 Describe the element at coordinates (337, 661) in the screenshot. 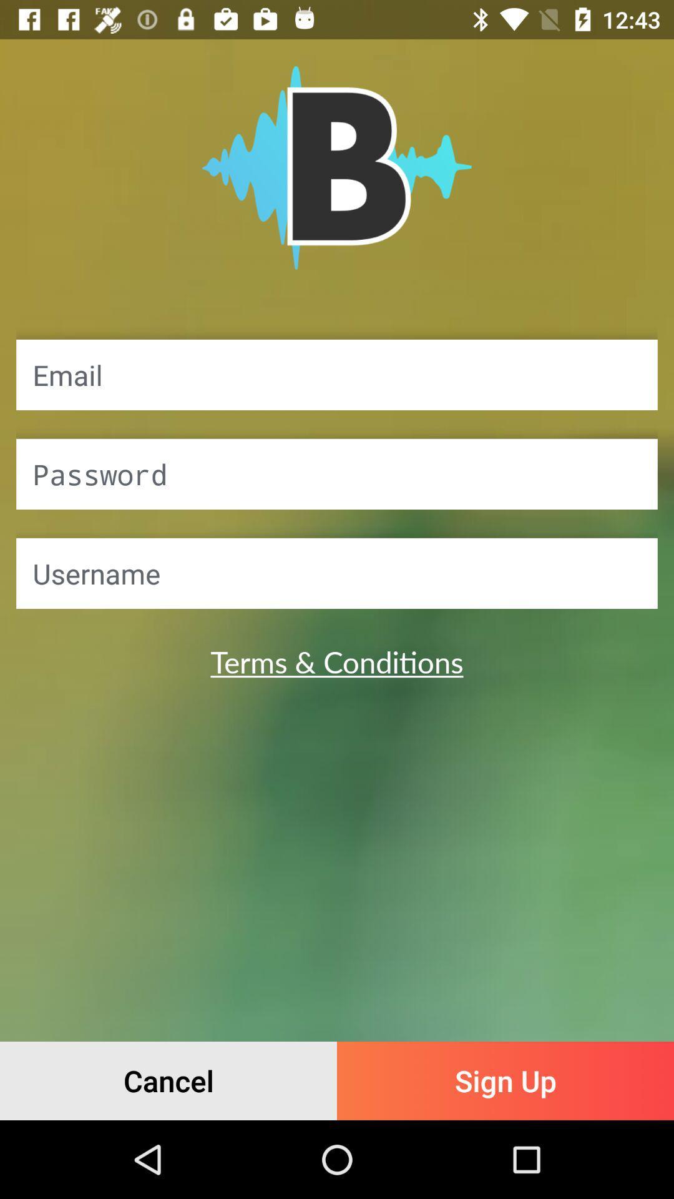

I see `terms & conditions item` at that location.